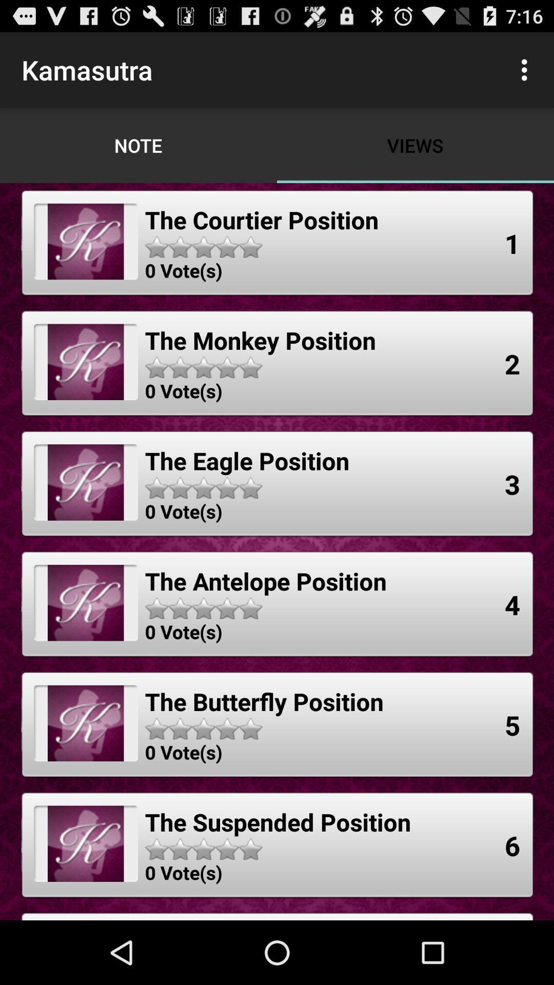  I want to click on the item to the left of 4 item, so click(265, 581).